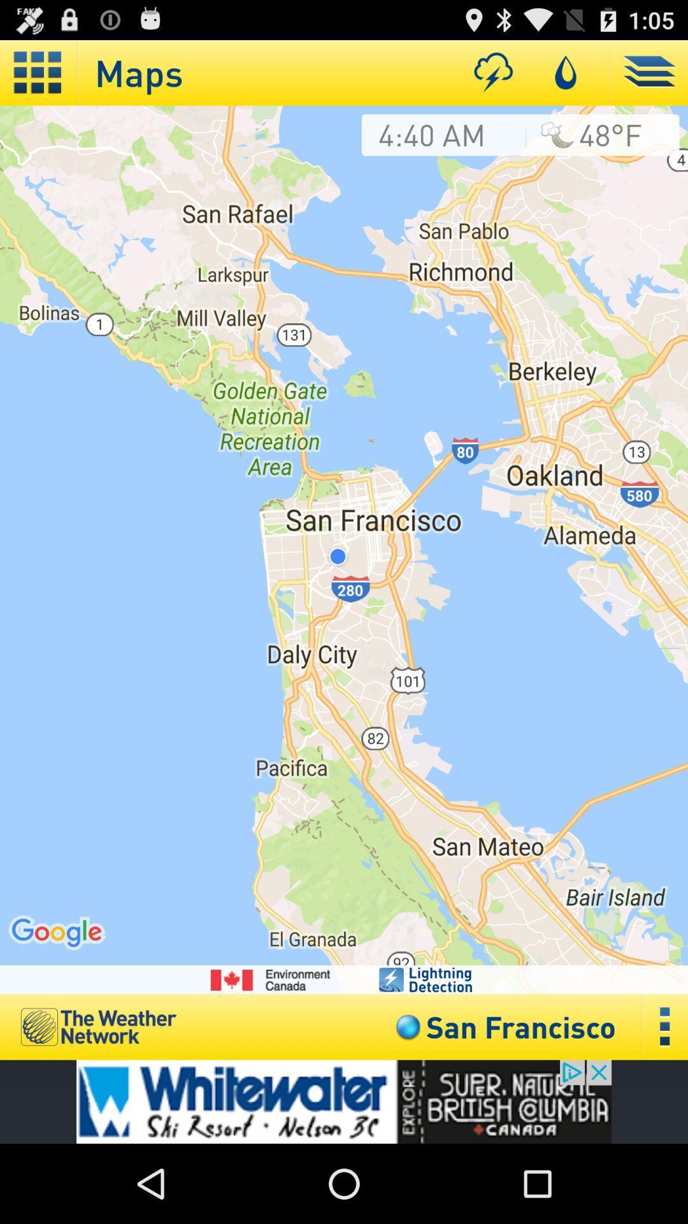 The height and width of the screenshot is (1224, 688). What do you see at coordinates (664, 1027) in the screenshot?
I see `over view option` at bounding box center [664, 1027].